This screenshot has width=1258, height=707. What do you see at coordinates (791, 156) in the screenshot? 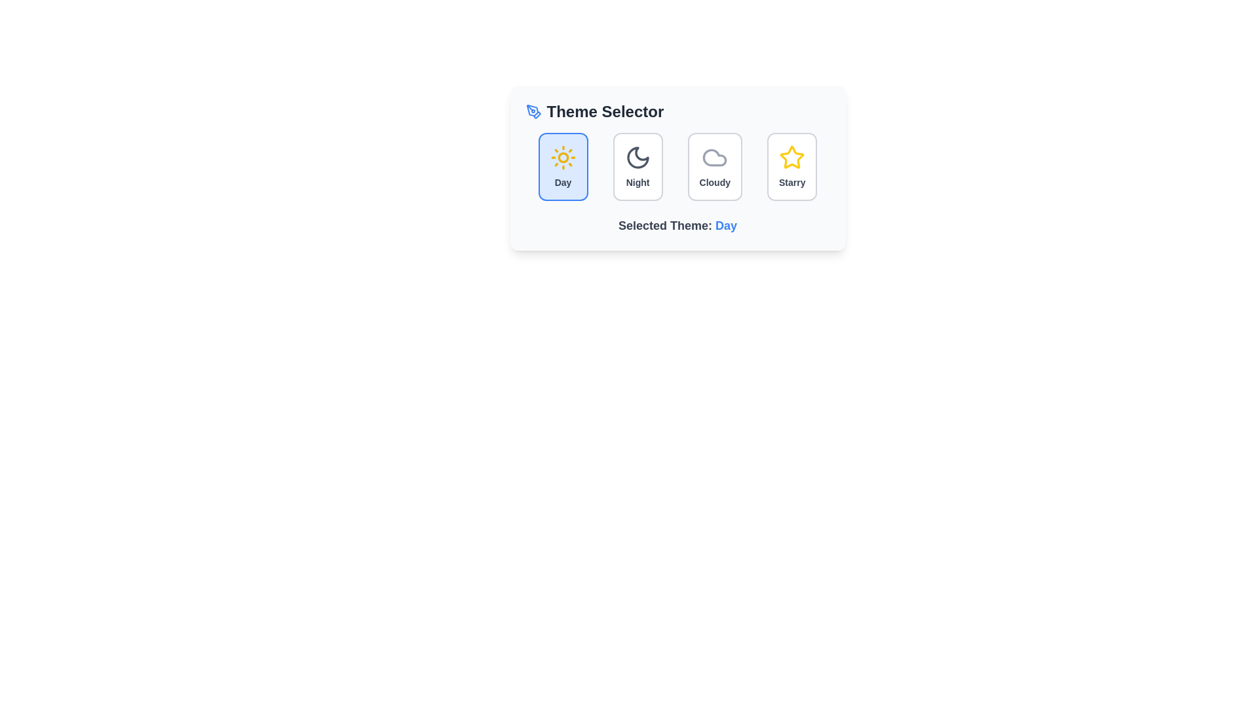
I see `the yellow outlined star icon with a white interior` at bounding box center [791, 156].